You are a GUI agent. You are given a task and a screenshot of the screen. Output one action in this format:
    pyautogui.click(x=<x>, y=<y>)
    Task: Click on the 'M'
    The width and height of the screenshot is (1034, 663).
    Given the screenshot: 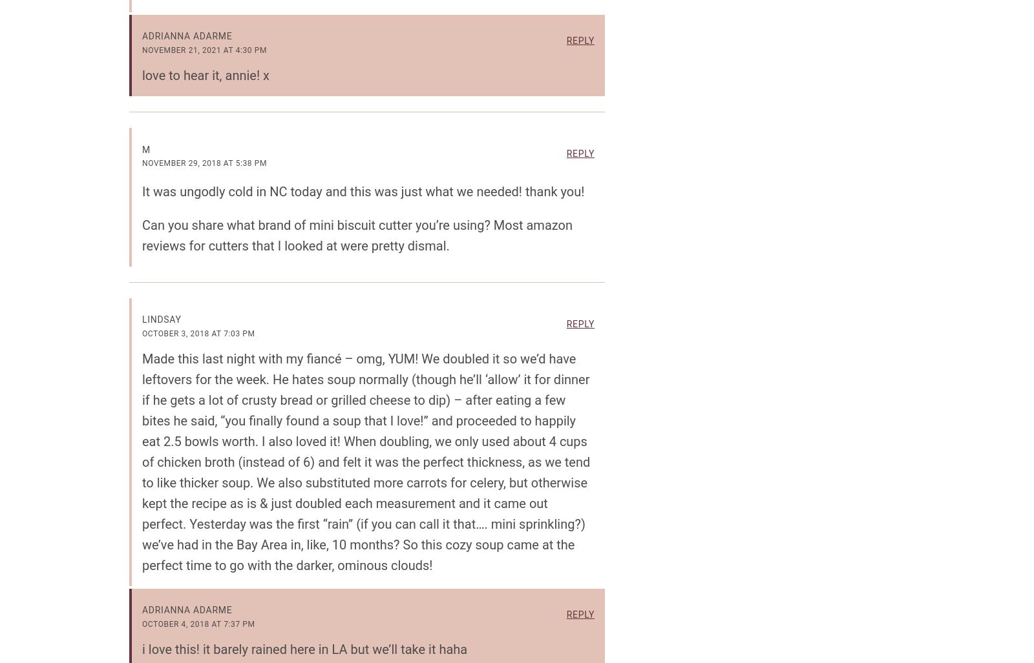 What is the action you would take?
    pyautogui.click(x=145, y=148)
    